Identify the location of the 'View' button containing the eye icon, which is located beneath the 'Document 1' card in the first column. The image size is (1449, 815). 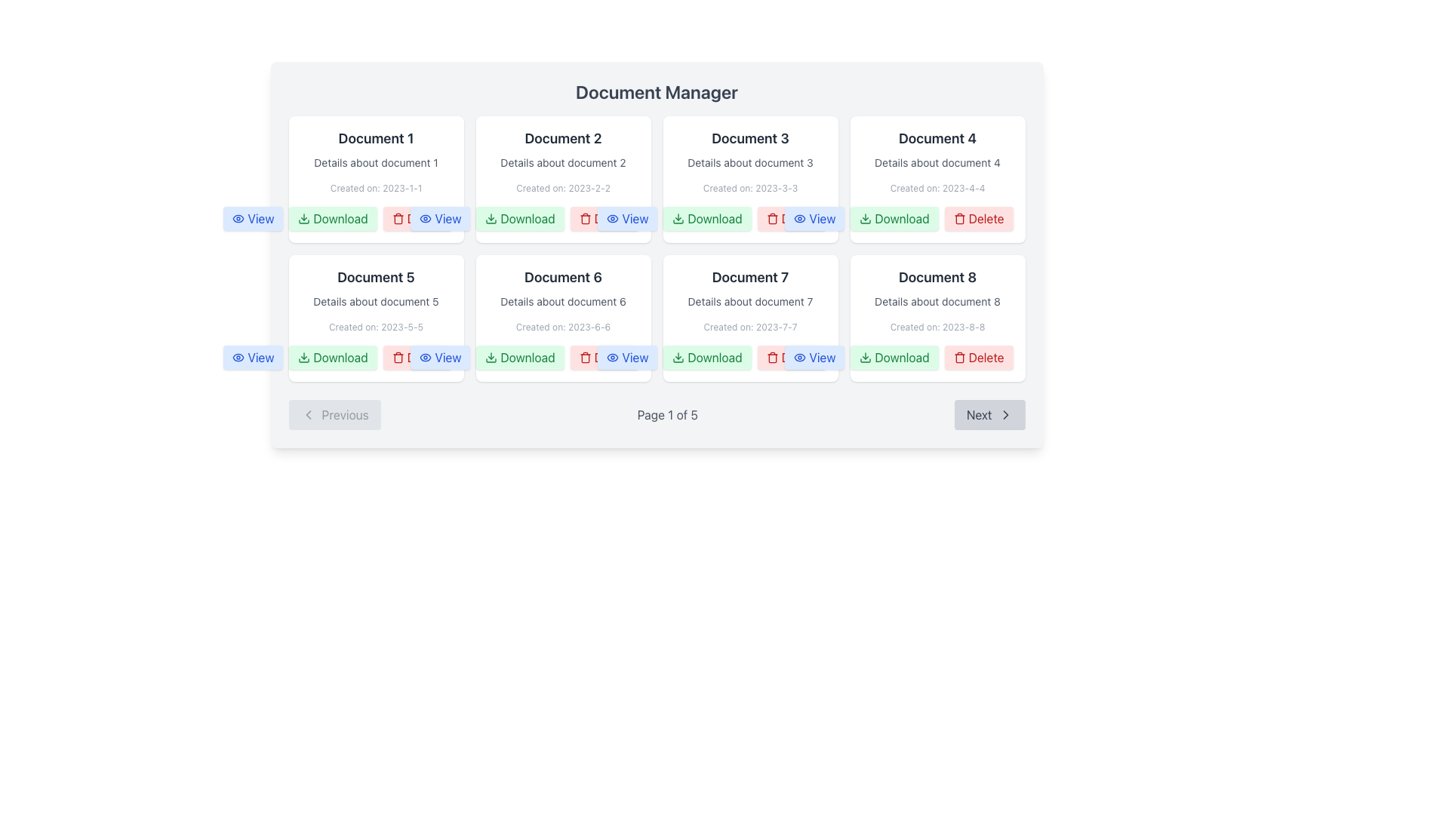
(238, 218).